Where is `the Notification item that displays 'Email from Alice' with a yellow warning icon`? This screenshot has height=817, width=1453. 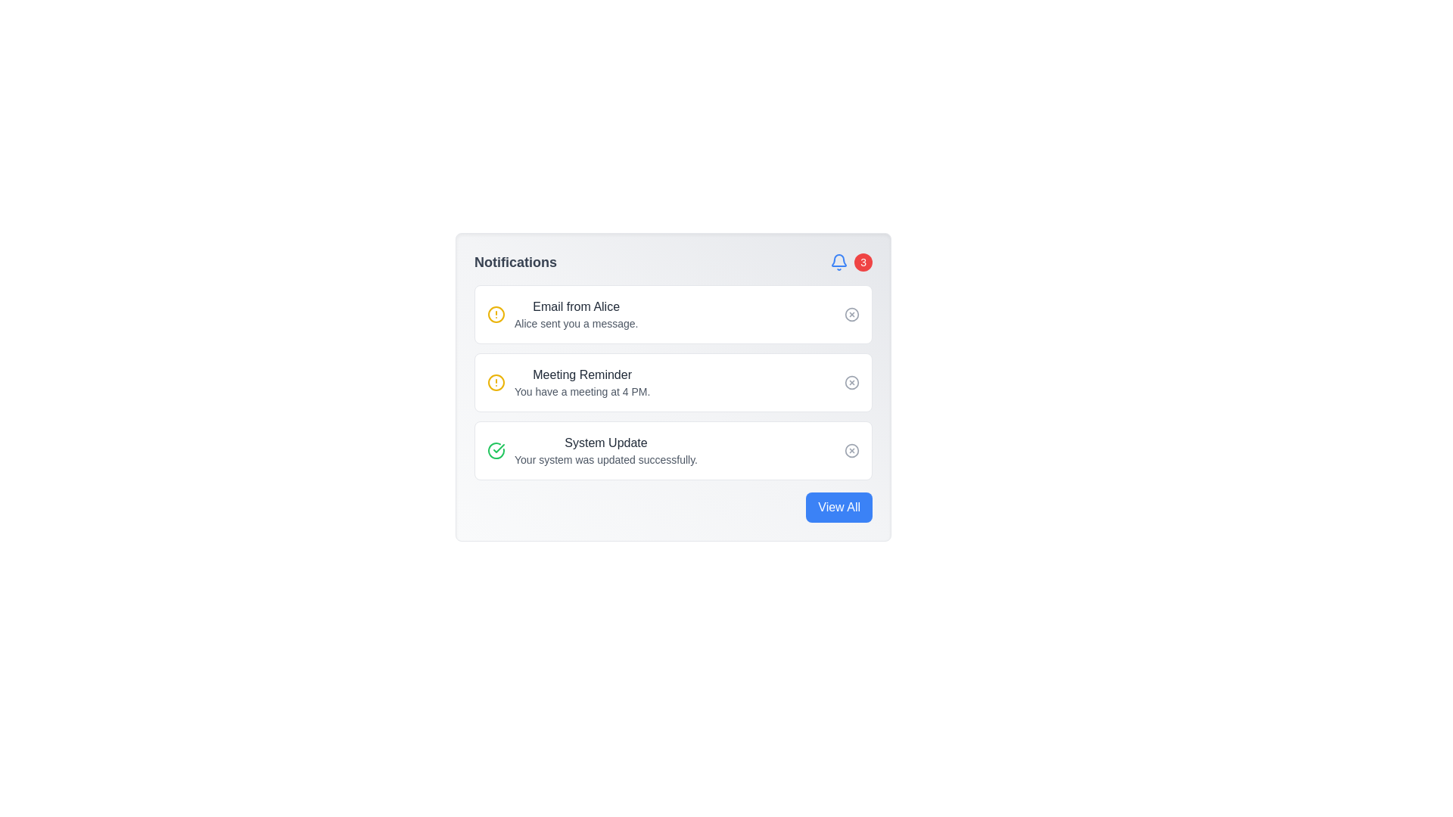
the Notification item that displays 'Email from Alice' with a yellow warning icon is located at coordinates (562, 314).